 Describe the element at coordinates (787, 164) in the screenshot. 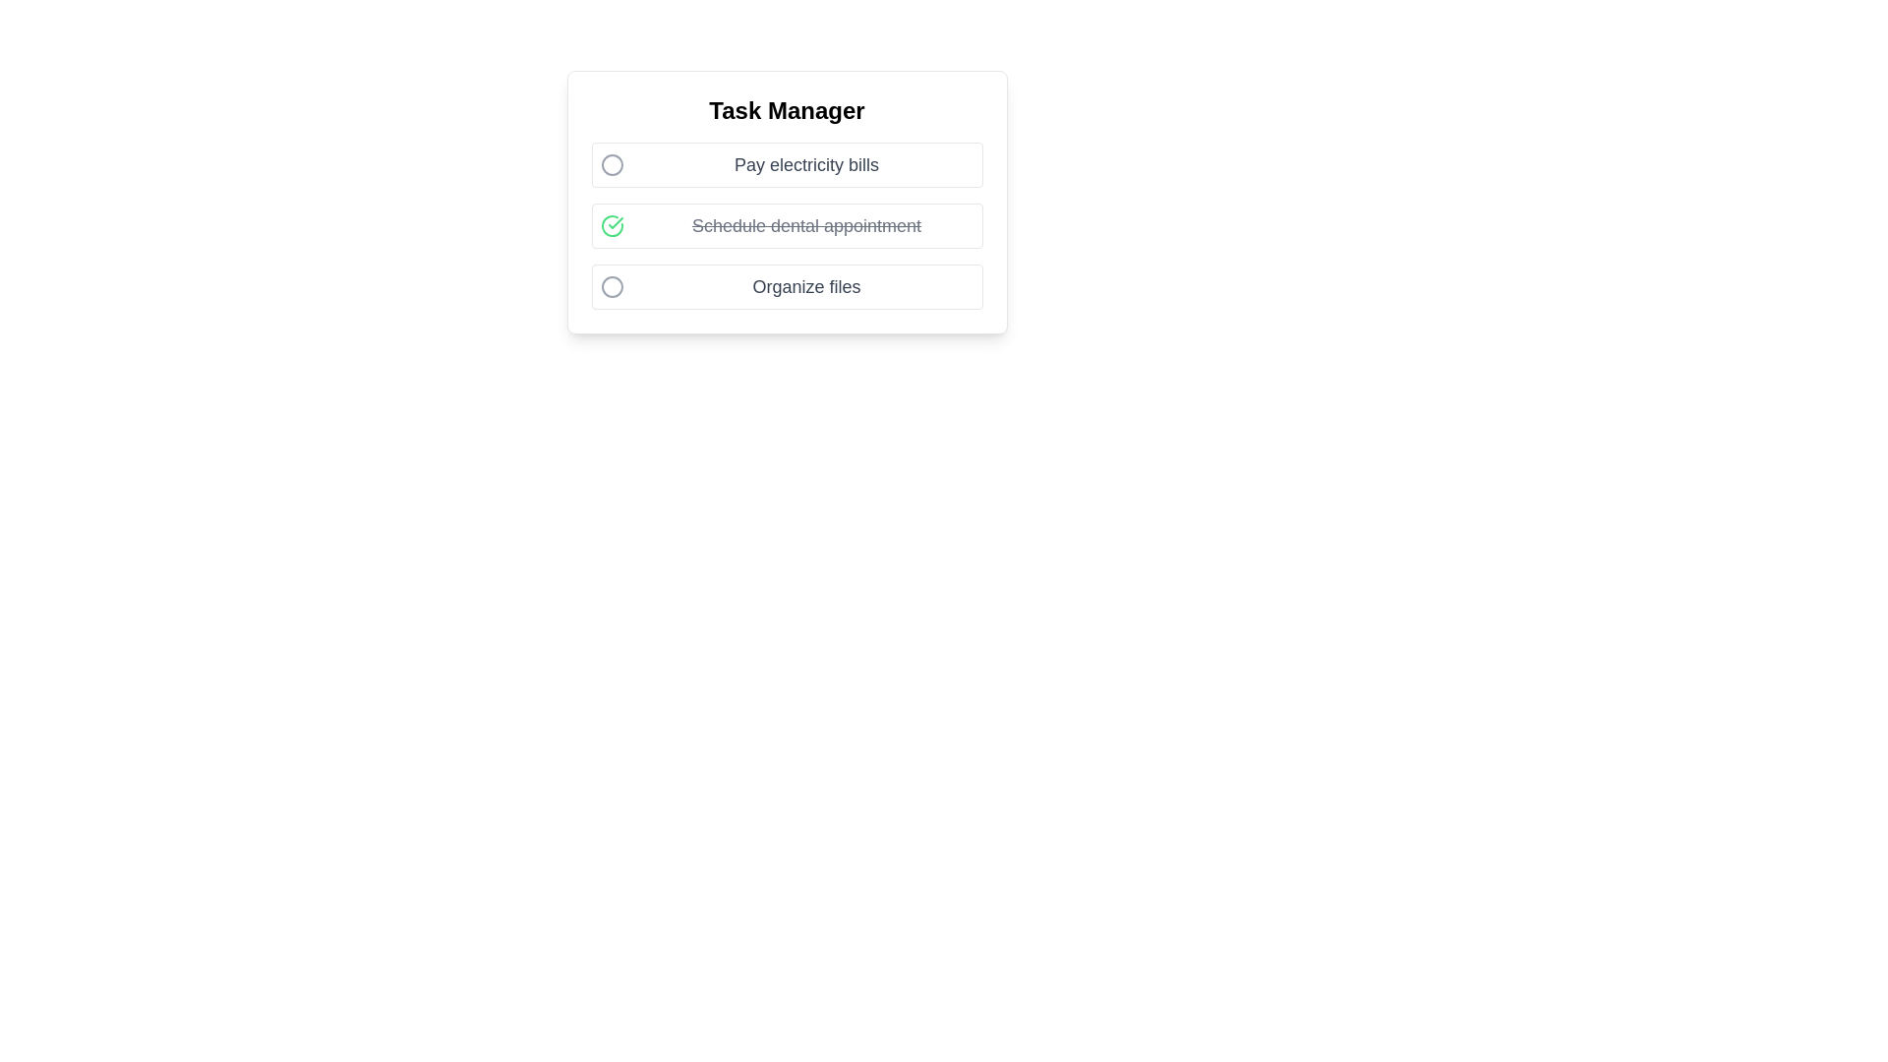

I see `the first task item` at that location.